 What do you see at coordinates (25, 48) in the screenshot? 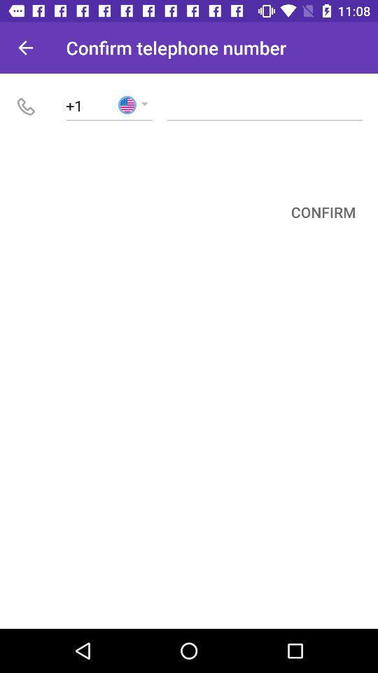
I see `go back` at bounding box center [25, 48].